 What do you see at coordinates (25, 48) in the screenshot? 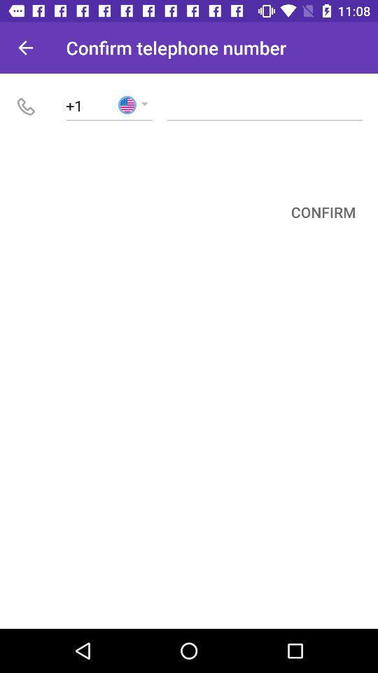
I see `go back` at bounding box center [25, 48].